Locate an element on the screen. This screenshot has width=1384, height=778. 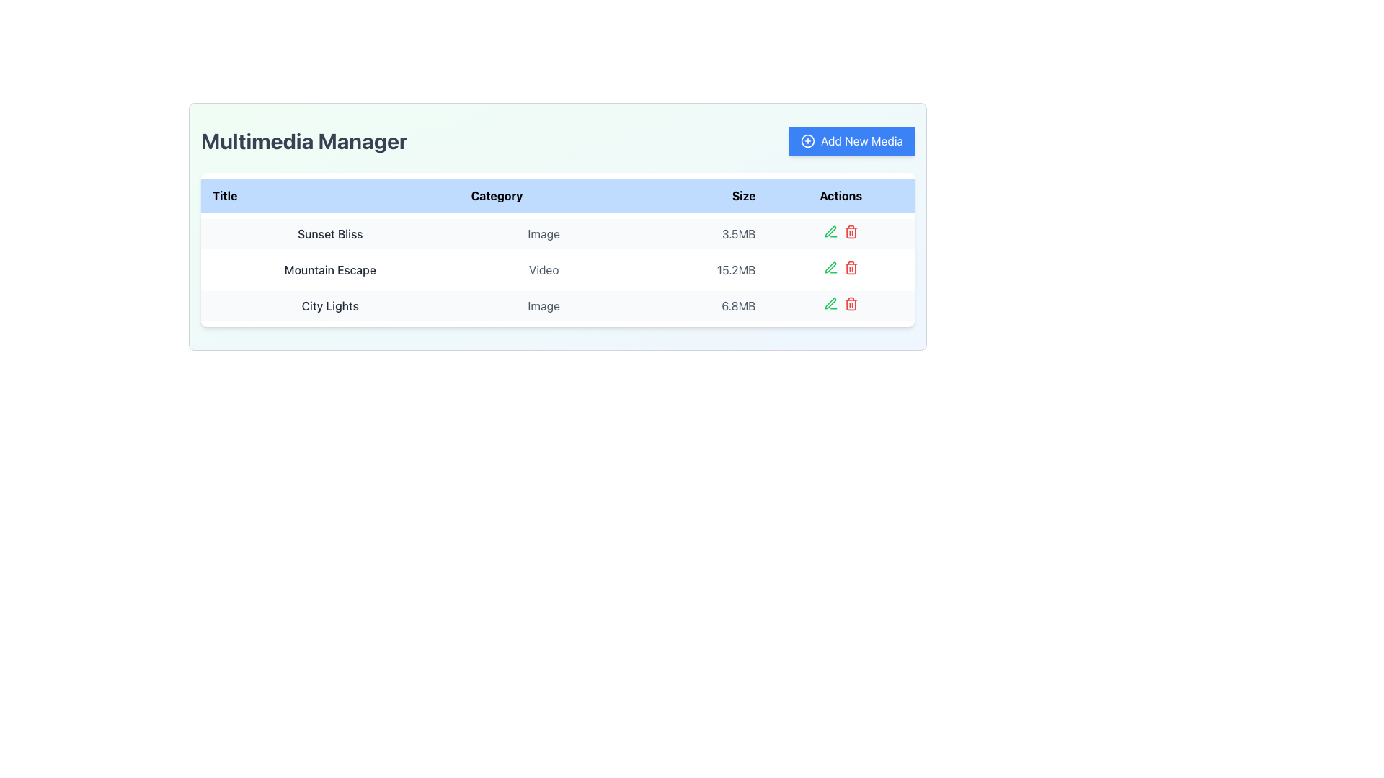
the edit button located in the 'Actions' column of the second row of the table is located at coordinates (830, 267).